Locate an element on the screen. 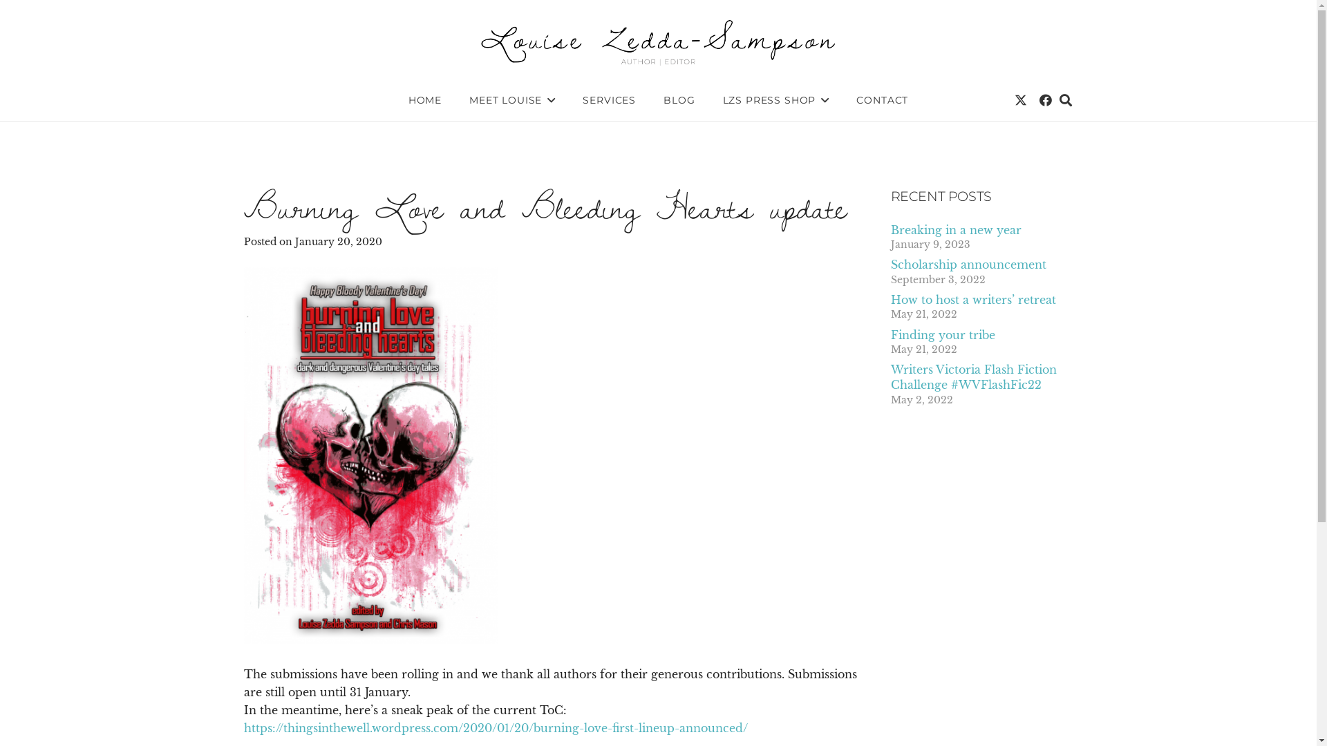  'Twitter' is located at coordinates (1021, 99).